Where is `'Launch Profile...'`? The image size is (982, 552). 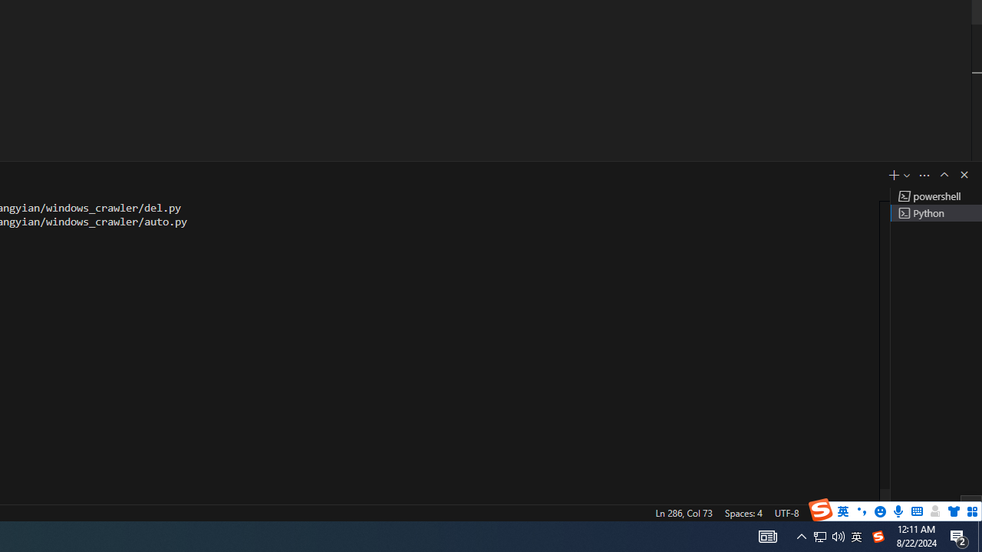
'Launch Profile...' is located at coordinates (907, 174).